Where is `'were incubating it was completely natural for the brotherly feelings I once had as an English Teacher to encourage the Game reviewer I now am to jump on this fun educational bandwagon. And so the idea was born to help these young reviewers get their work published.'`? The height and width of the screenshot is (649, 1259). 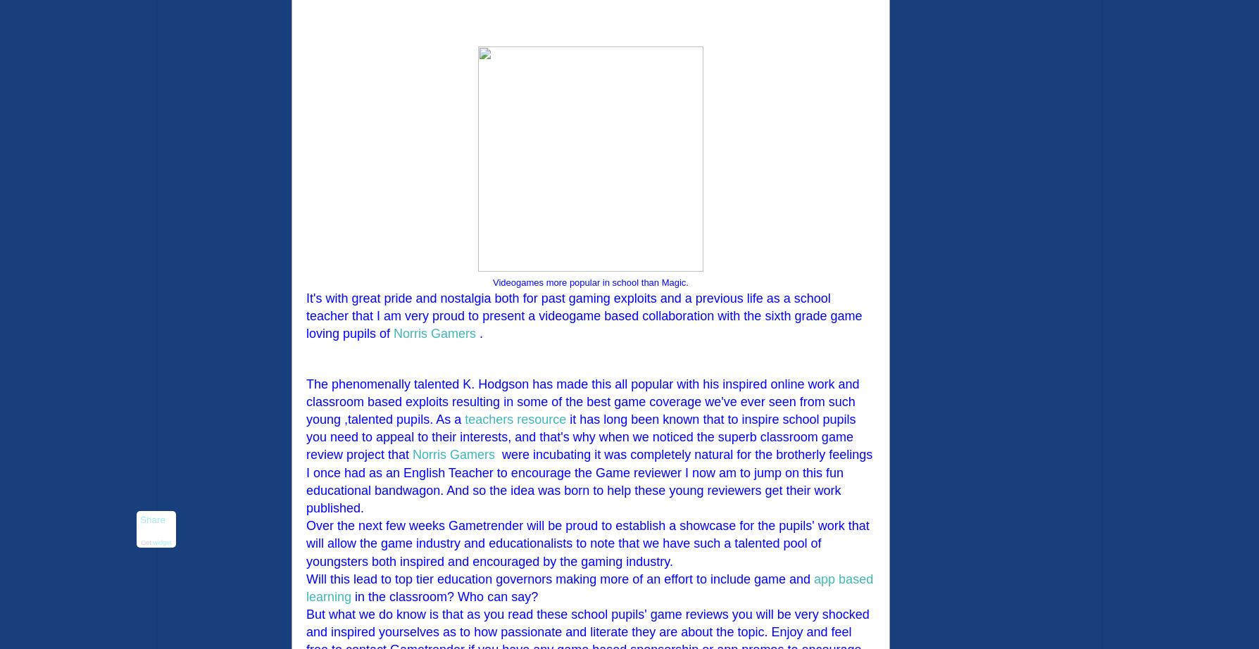 'were incubating it was completely natural for the brotherly feelings I once had as an English Teacher to encourage the Game reviewer I now am to jump on this fun educational bandwagon. And so the idea was born to help these young reviewers get their work published.' is located at coordinates (588, 481).